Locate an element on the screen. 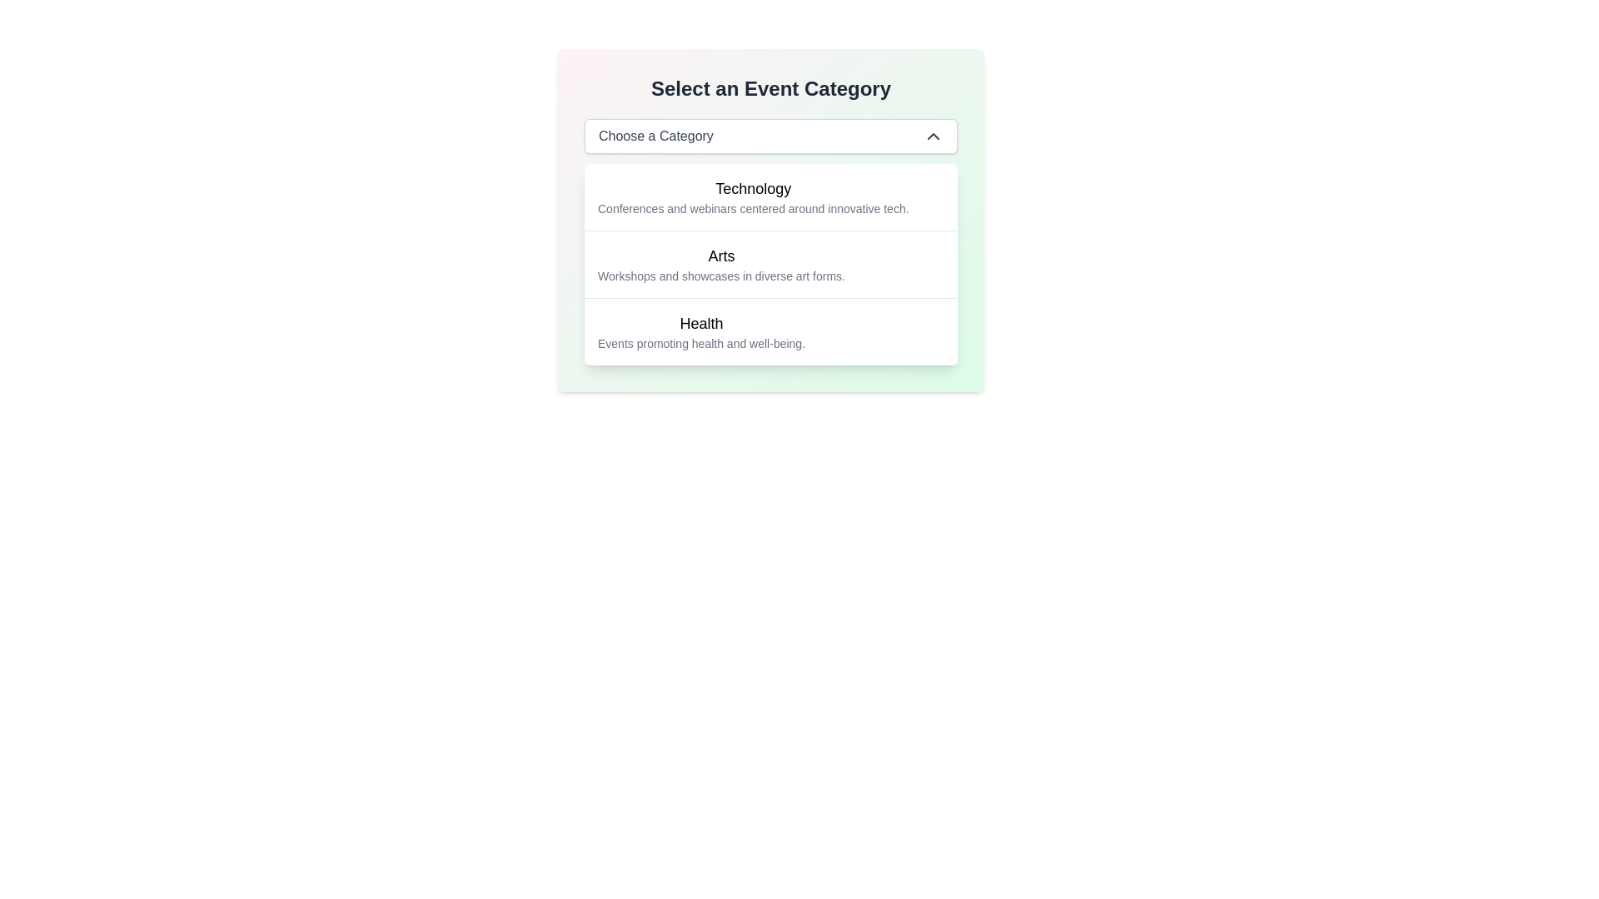  to select the 'Arts' category, which is the second item in a vertically arranged list, featuring a bold title 'Arts' and a smaller gray subtext, located within a white rectangular area with rounded corners is located at coordinates (770, 263).